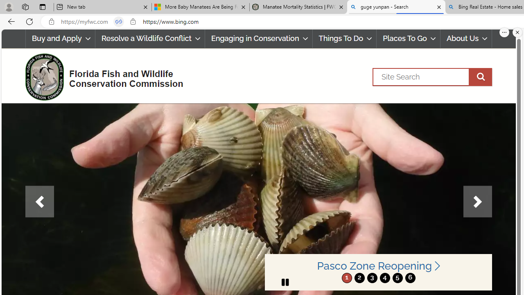  I want to click on 'Next', so click(477, 202).